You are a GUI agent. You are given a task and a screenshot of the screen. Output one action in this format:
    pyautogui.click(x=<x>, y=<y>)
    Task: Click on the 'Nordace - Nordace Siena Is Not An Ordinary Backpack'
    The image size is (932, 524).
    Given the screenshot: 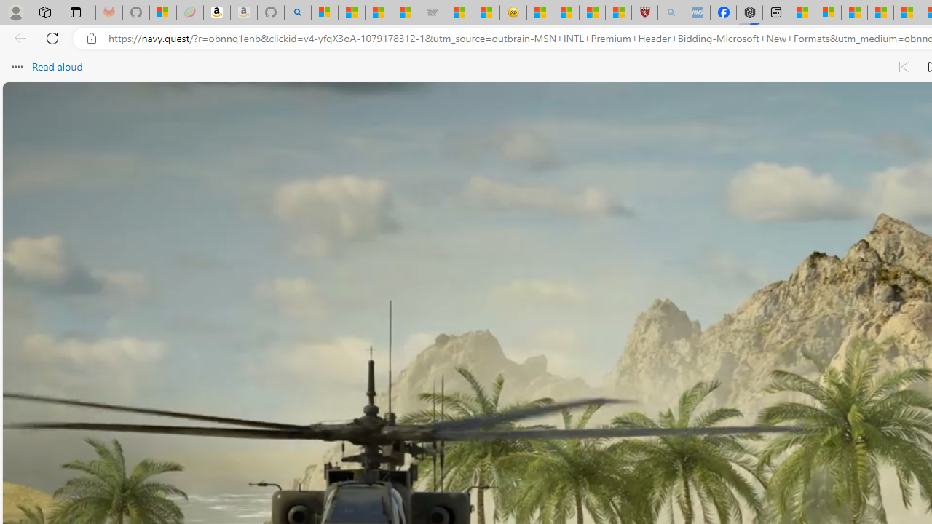 What is the action you would take?
    pyautogui.click(x=749, y=12)
    